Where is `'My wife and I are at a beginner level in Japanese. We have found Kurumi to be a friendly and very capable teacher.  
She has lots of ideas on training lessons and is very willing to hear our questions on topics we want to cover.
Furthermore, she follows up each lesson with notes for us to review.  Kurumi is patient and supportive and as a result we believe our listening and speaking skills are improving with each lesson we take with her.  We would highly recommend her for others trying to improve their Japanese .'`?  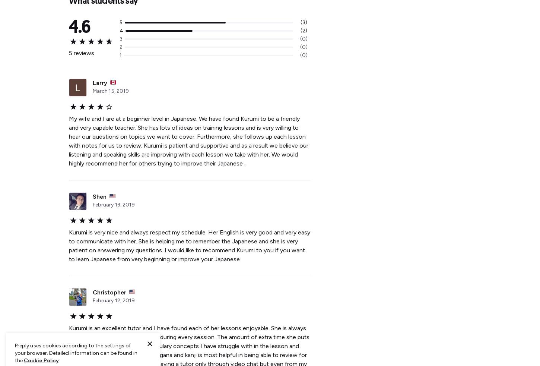 'My wife and I are at a beginner level in Japanese. We have found Kurumi to be a friendly and very capable teacher.  
She has lots of ideas on training lessons and is very willing to hear our questions on topics we want to cover.
Furthermore, she follows up each lesson with notes for us to review.  Kurumi is patient and supportive and as a result we believe our listening and speaking skills are improving with each lesson we take with her.  We would highly recommend her for others trying to improve their Japanese .' is located at coordinates (188, 141).